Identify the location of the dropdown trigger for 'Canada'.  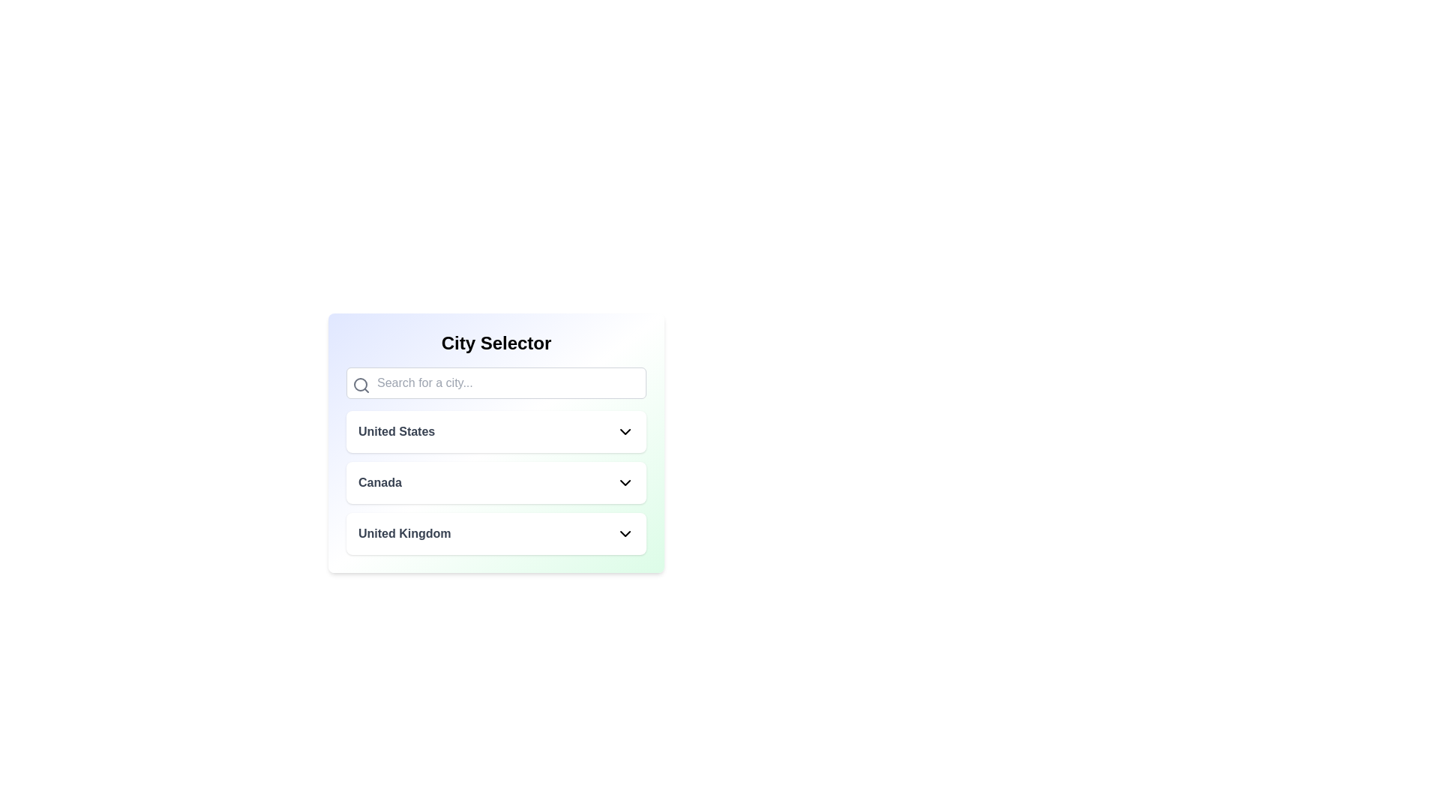
(496, 483).